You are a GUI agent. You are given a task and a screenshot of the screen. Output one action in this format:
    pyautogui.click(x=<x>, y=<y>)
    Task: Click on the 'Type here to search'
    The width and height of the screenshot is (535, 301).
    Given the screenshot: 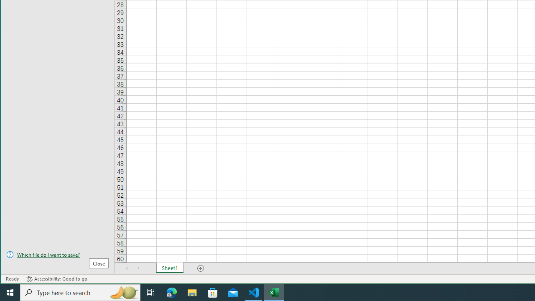 What is the action you would take?
    pyautogui.click(x=80, y=292)
    